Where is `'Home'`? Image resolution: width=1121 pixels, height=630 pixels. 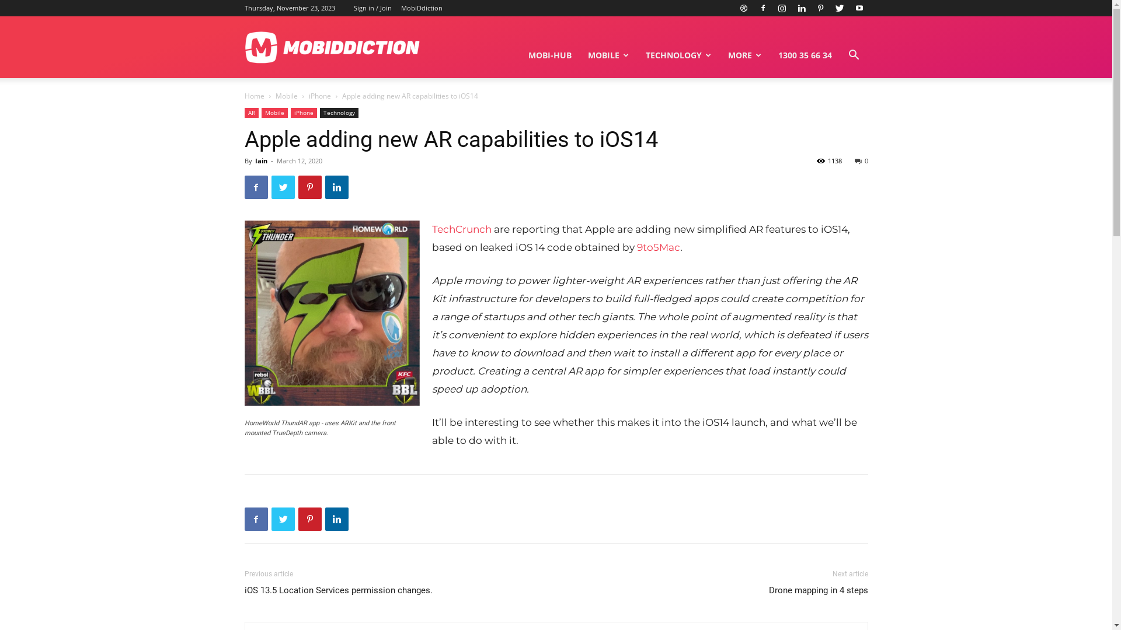 'Home' is located at coordinates (253, 95).